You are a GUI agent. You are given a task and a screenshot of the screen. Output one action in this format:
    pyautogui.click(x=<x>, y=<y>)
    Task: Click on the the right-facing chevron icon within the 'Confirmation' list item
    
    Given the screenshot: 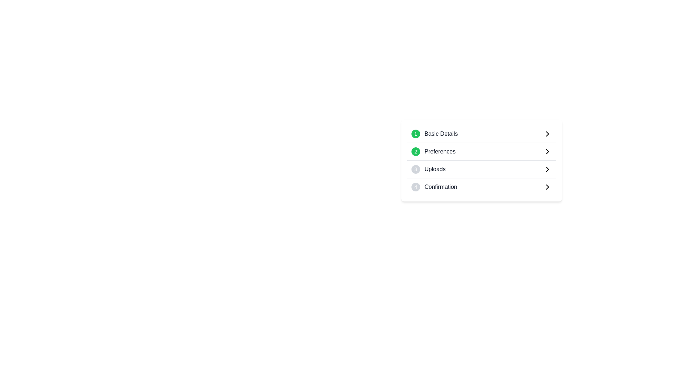 What is the action you would take?
    pyautogui.click(x=547, y=186)
    